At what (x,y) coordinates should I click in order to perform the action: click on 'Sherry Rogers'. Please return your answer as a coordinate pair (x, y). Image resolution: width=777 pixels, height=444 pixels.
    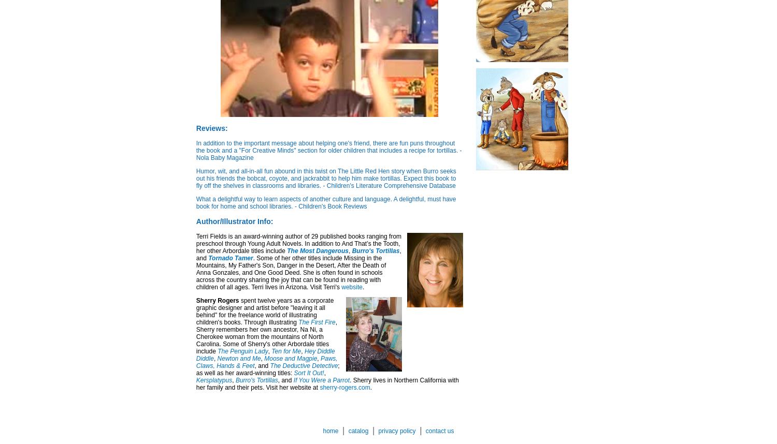
    Looking at the image, I should click on (217, 300).